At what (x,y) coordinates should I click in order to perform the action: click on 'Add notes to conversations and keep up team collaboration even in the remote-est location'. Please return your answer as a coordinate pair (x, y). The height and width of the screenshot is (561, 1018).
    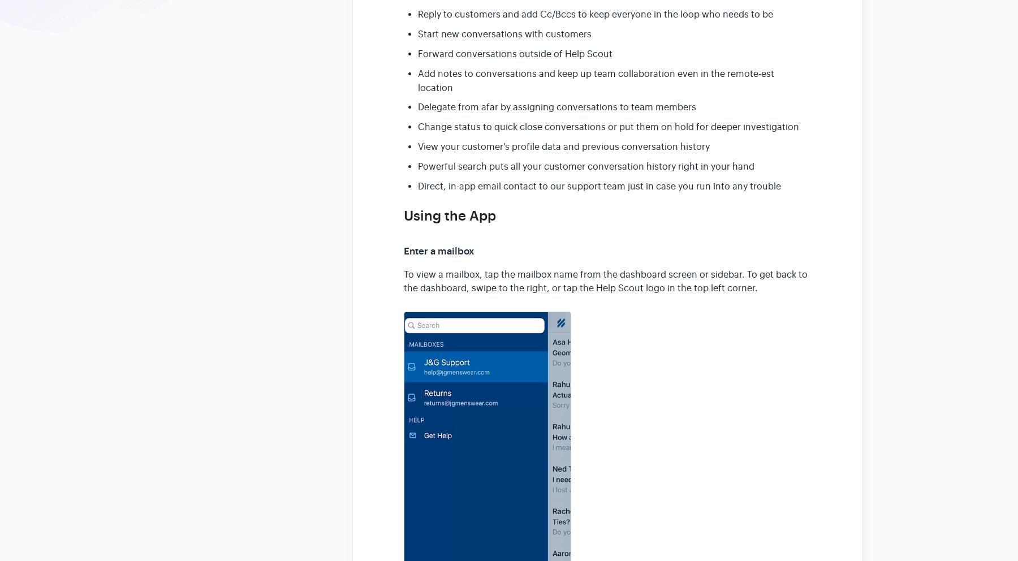
    Looking at the image, I should click on (596, 80).